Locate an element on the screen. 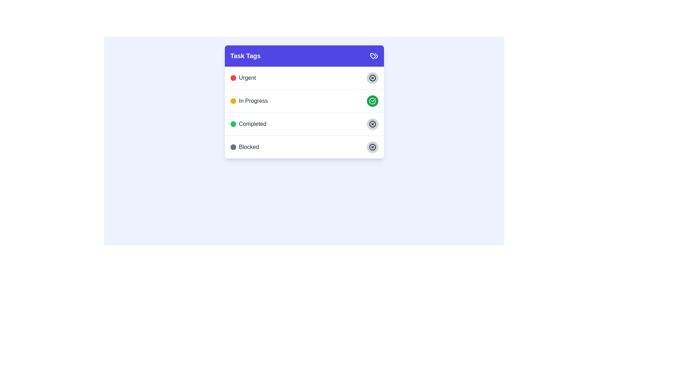  the delete or close button located at the far right of the 'Urgent' tag row in the 'Task Tags' panel is located at coordinates (372, 78).